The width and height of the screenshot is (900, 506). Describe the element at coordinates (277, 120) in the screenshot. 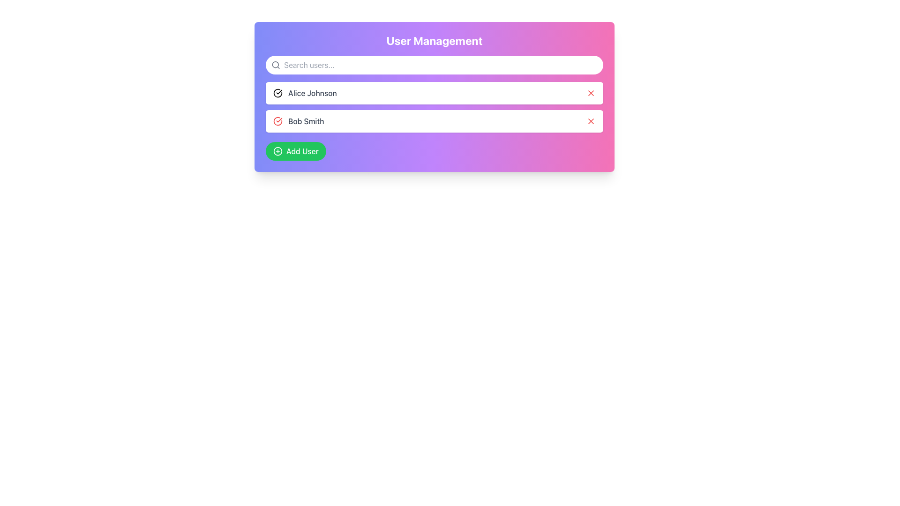

I see `the circular red icon with a checkmark located to the left of the text label 'Bob Smith' in the second list item under 'User Management.'` at that location.